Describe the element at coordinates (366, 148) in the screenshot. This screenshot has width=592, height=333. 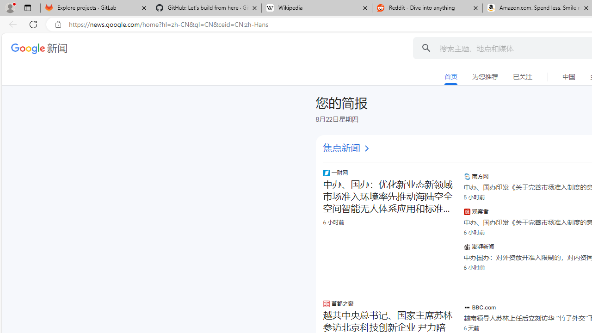
I see `'AutomationID: i10'` at that location.